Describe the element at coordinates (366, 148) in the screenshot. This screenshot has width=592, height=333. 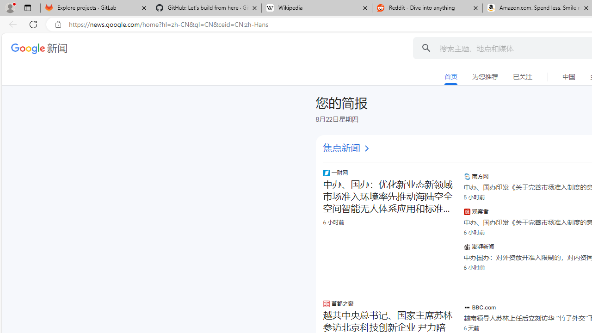
I see `'AutomationID: i10'` at that location.